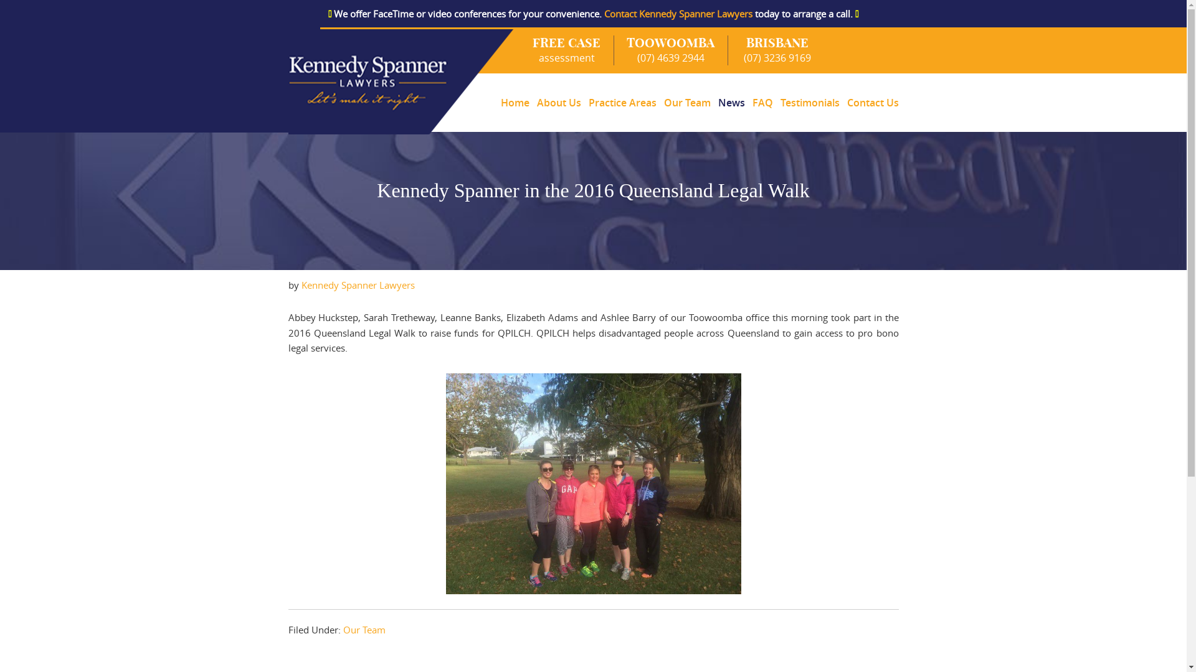 The height and width of the screenshot is (672, 1196). Describe the element at coordinates (670, 50) in the screenshot. I see `'TOOWOOMBA` at that location.